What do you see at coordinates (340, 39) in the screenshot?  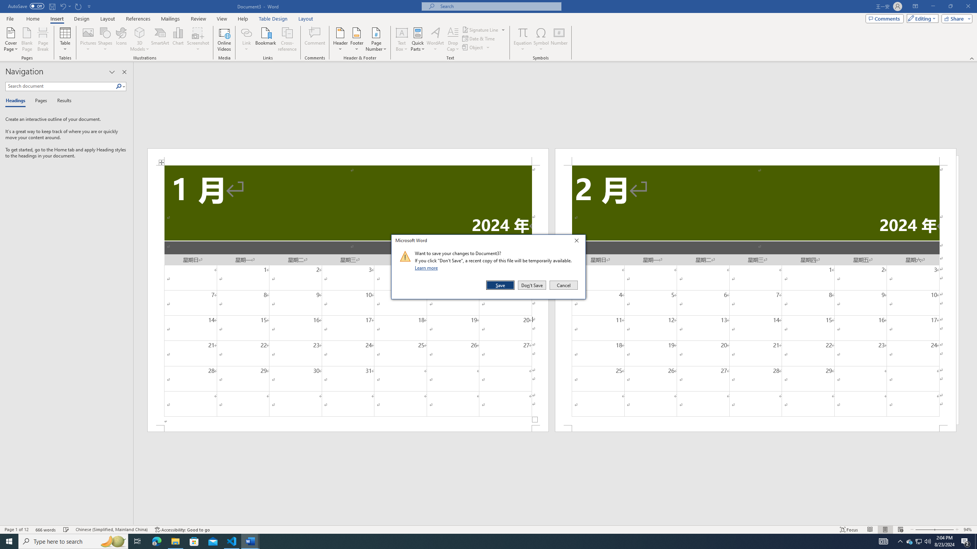 I see `'Header'` at bounding box center [340, 39].